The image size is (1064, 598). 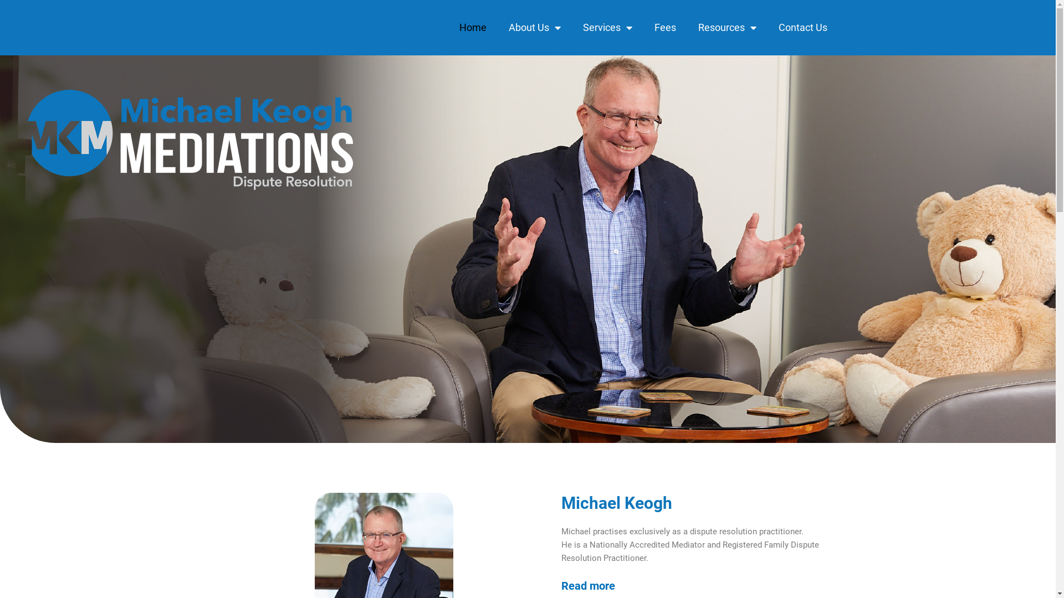 What do you see at coordinates (472, 27) in the screenshot?
I see `'Home'` at bounding box center [472, 27].